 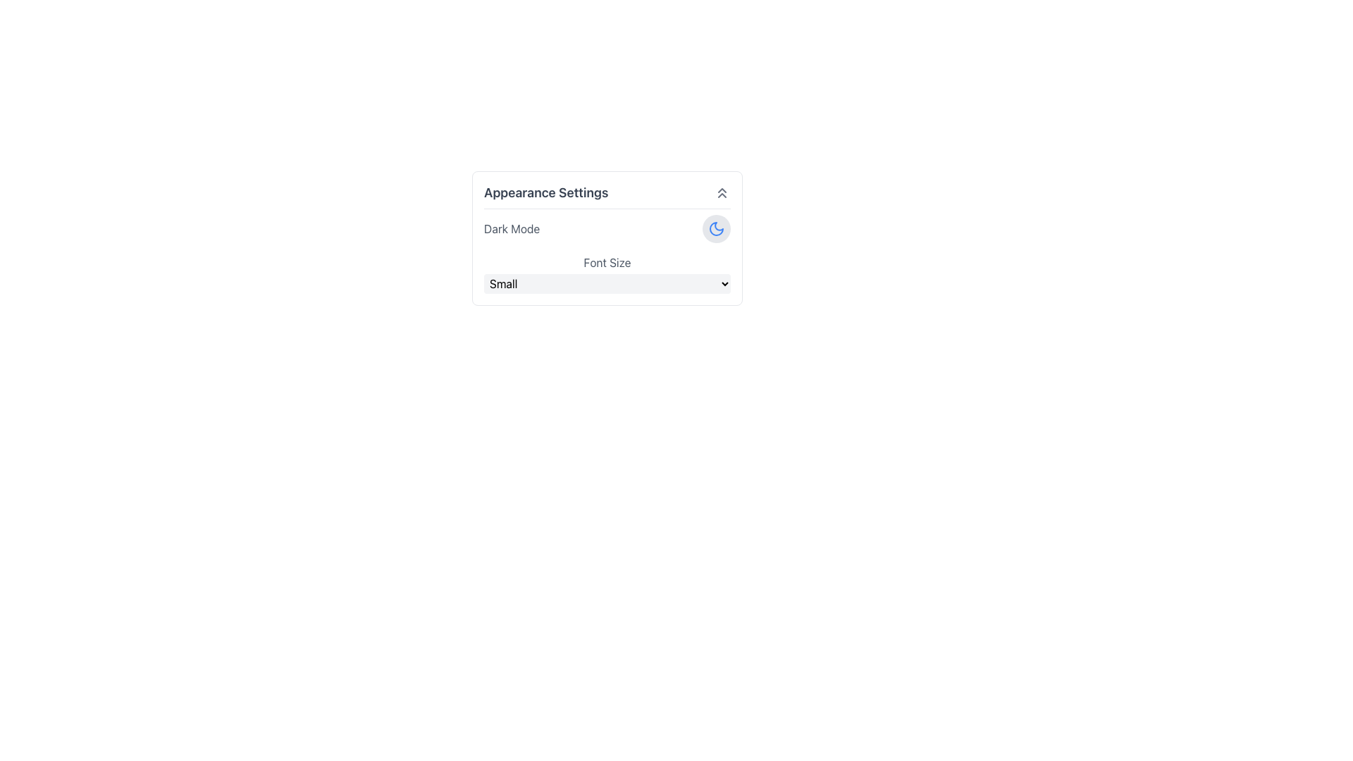 What do you see at coordinates (607, 274) in the screenshot?
I see `the font size selection dropdown menu located in the 'Appearance Settings' section below the 'Dark Mode' toggle switch` at bounding box center [607, 274].